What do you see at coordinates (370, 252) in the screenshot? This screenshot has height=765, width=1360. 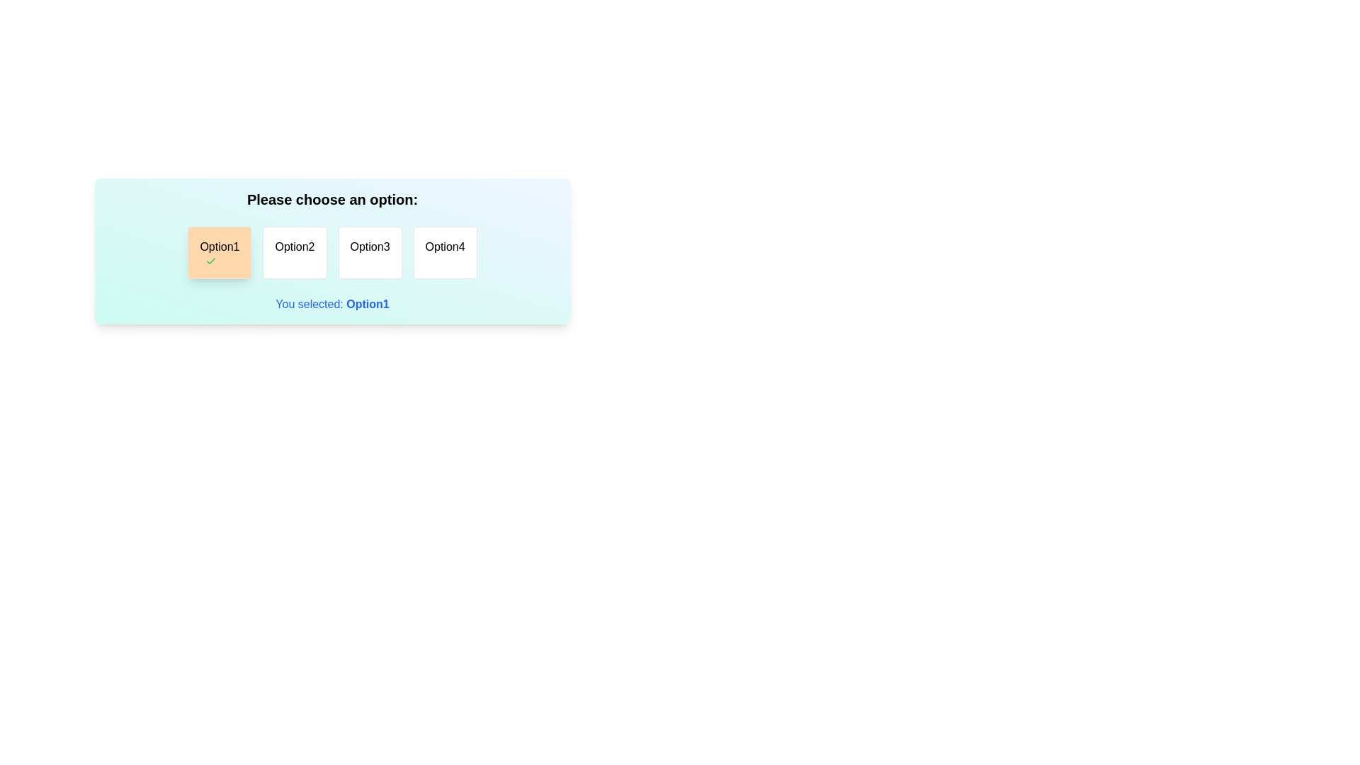 I see `the selection button located in the third position of a horizontal arrangement, below the text 'Please choose an option:', to observe visual feedback` at bounding box center [370, 252].